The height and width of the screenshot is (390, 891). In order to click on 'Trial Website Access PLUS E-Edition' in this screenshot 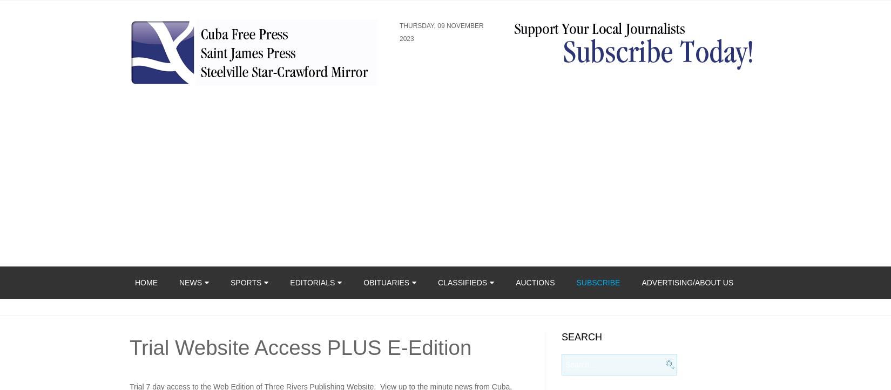, I will do `click(130, 347)`.